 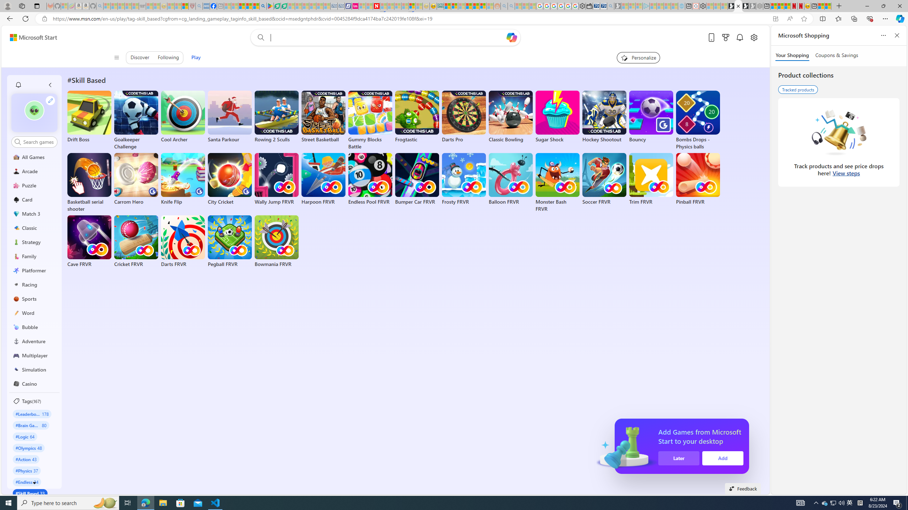 I want to click on 'Basketball serial shooter', so click(x=89, y=183).